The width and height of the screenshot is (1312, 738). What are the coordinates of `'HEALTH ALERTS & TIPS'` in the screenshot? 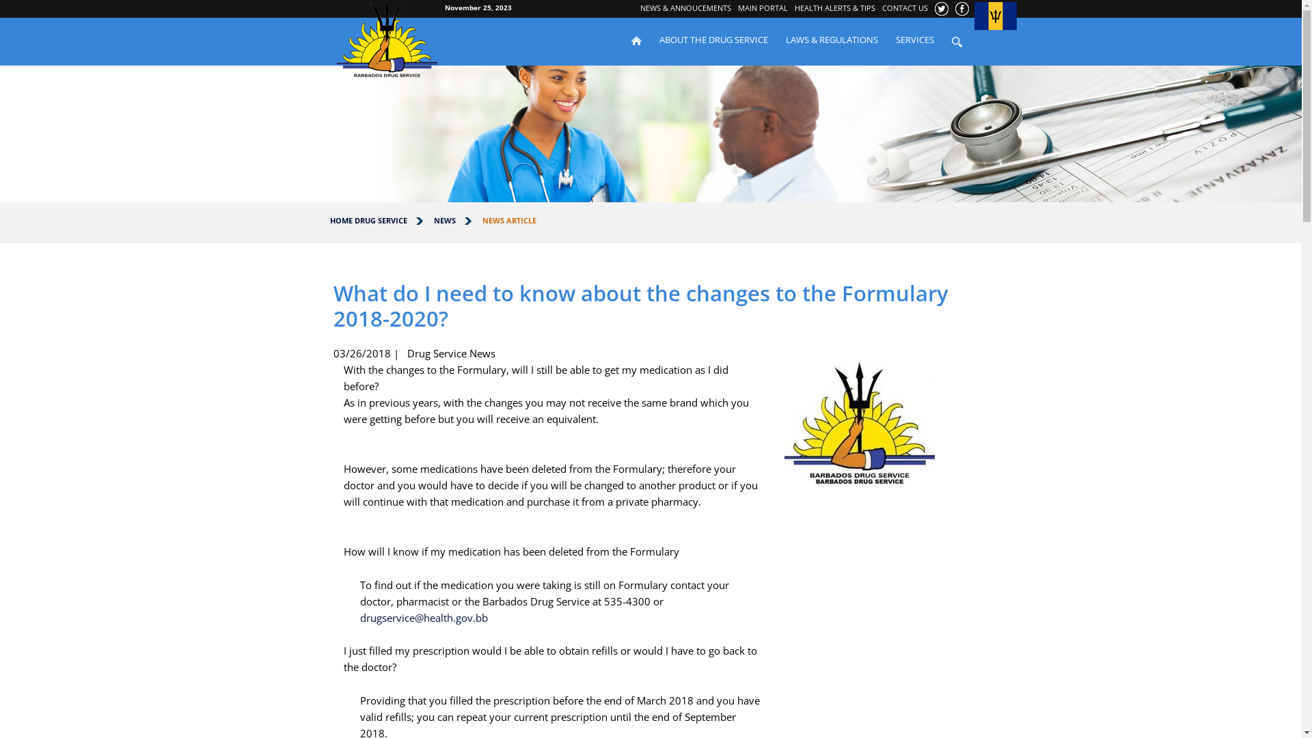 It's located at (834, 8).